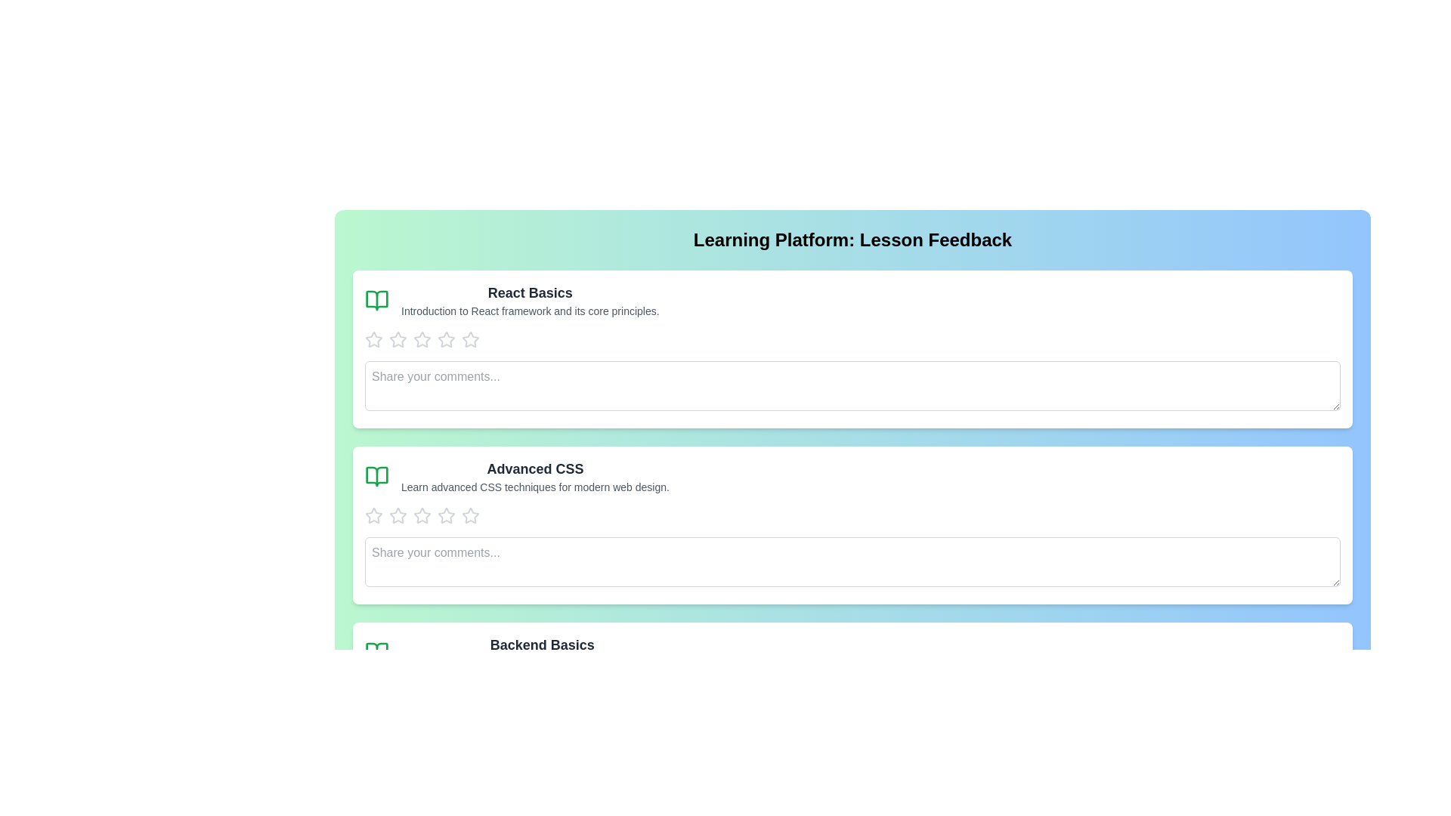 This screenshot has height=816, width=1451. What do you see at coordinates (398, 515) in the screenshot?
I see `the first star in the 5-star rating system under the 'Advanced CSS' section` at bounding box center [398, 515].